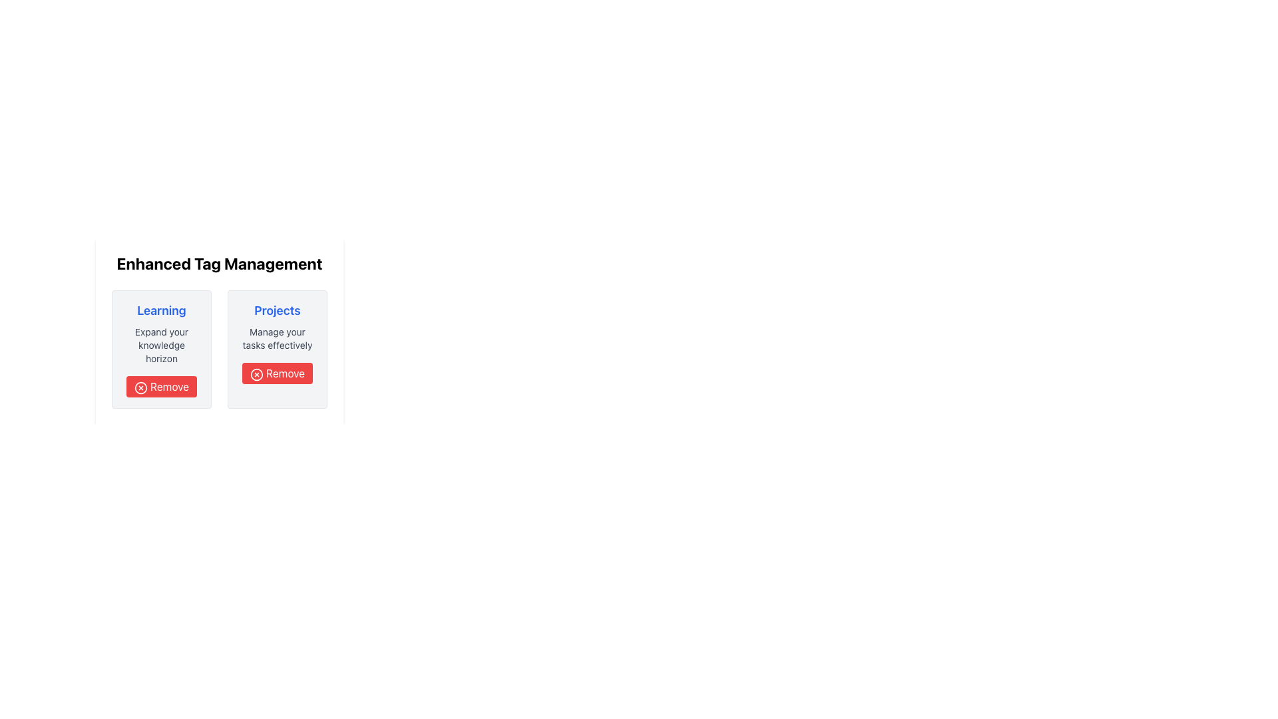 This screenshot has width=1278, height=719. Describe the element at coordinates (277, 326) in the screenshot. I see `the multi-line text block that provides a title and brief description within the second card under 'Enhanced Tag Management'` at that location.